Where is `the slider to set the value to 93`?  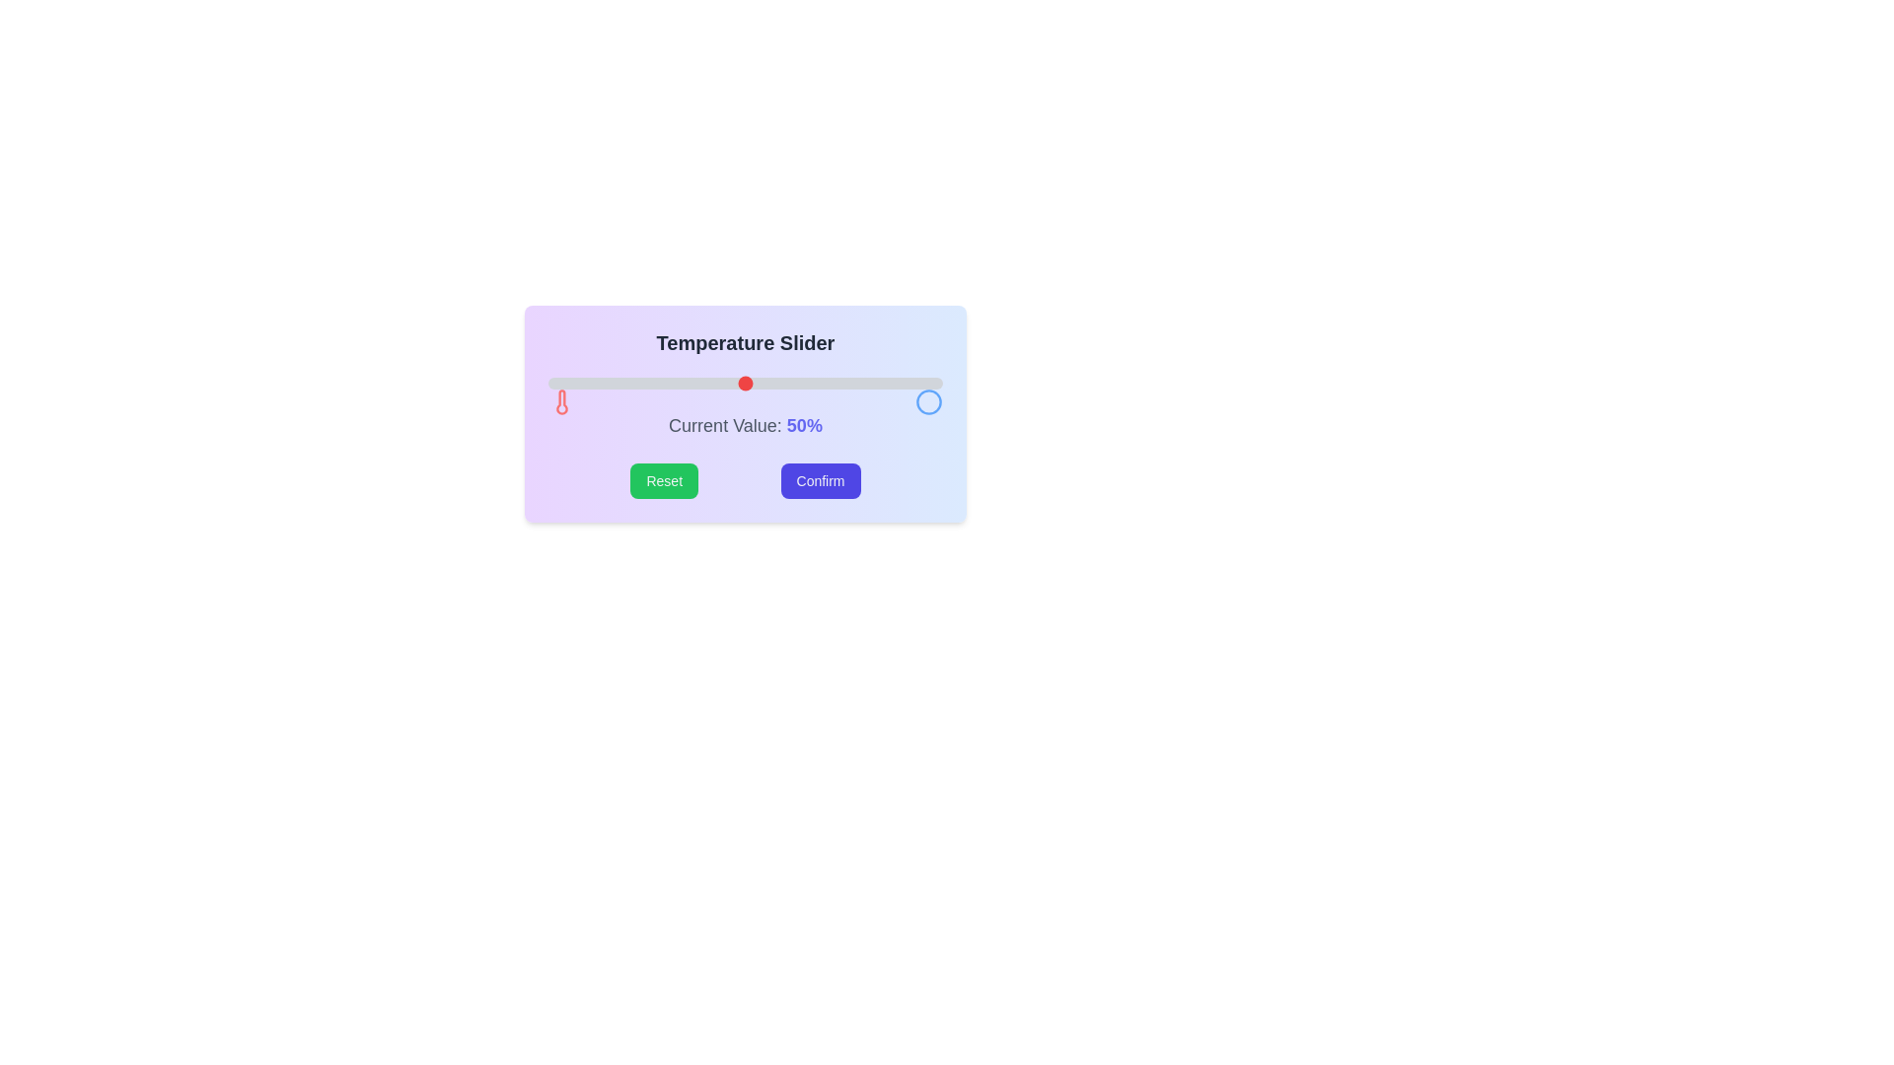
the slider to set the value to 93 is located at coordinates (913, 384).